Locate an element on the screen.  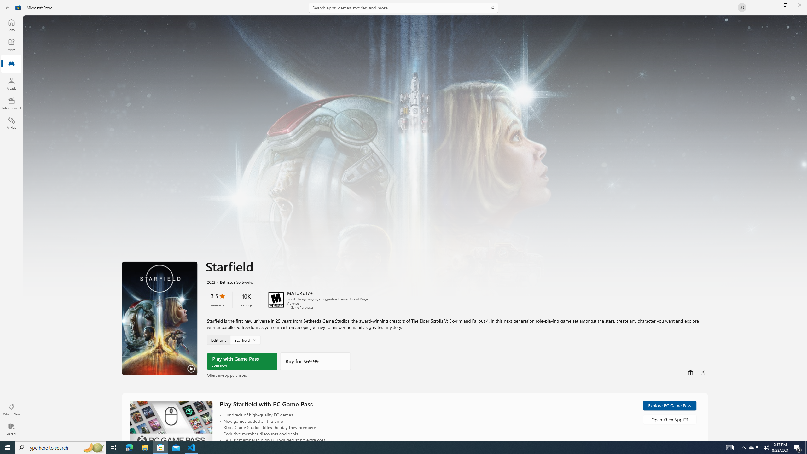
'Share' is located at coordinates (703, 372).